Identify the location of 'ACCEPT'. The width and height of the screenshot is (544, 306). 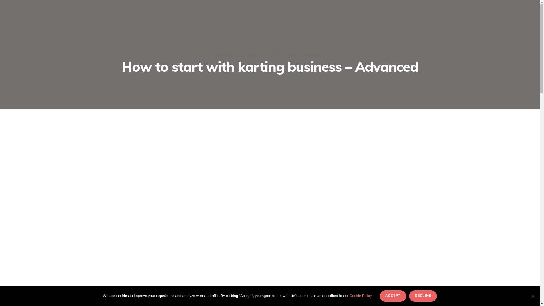
(393, 296).